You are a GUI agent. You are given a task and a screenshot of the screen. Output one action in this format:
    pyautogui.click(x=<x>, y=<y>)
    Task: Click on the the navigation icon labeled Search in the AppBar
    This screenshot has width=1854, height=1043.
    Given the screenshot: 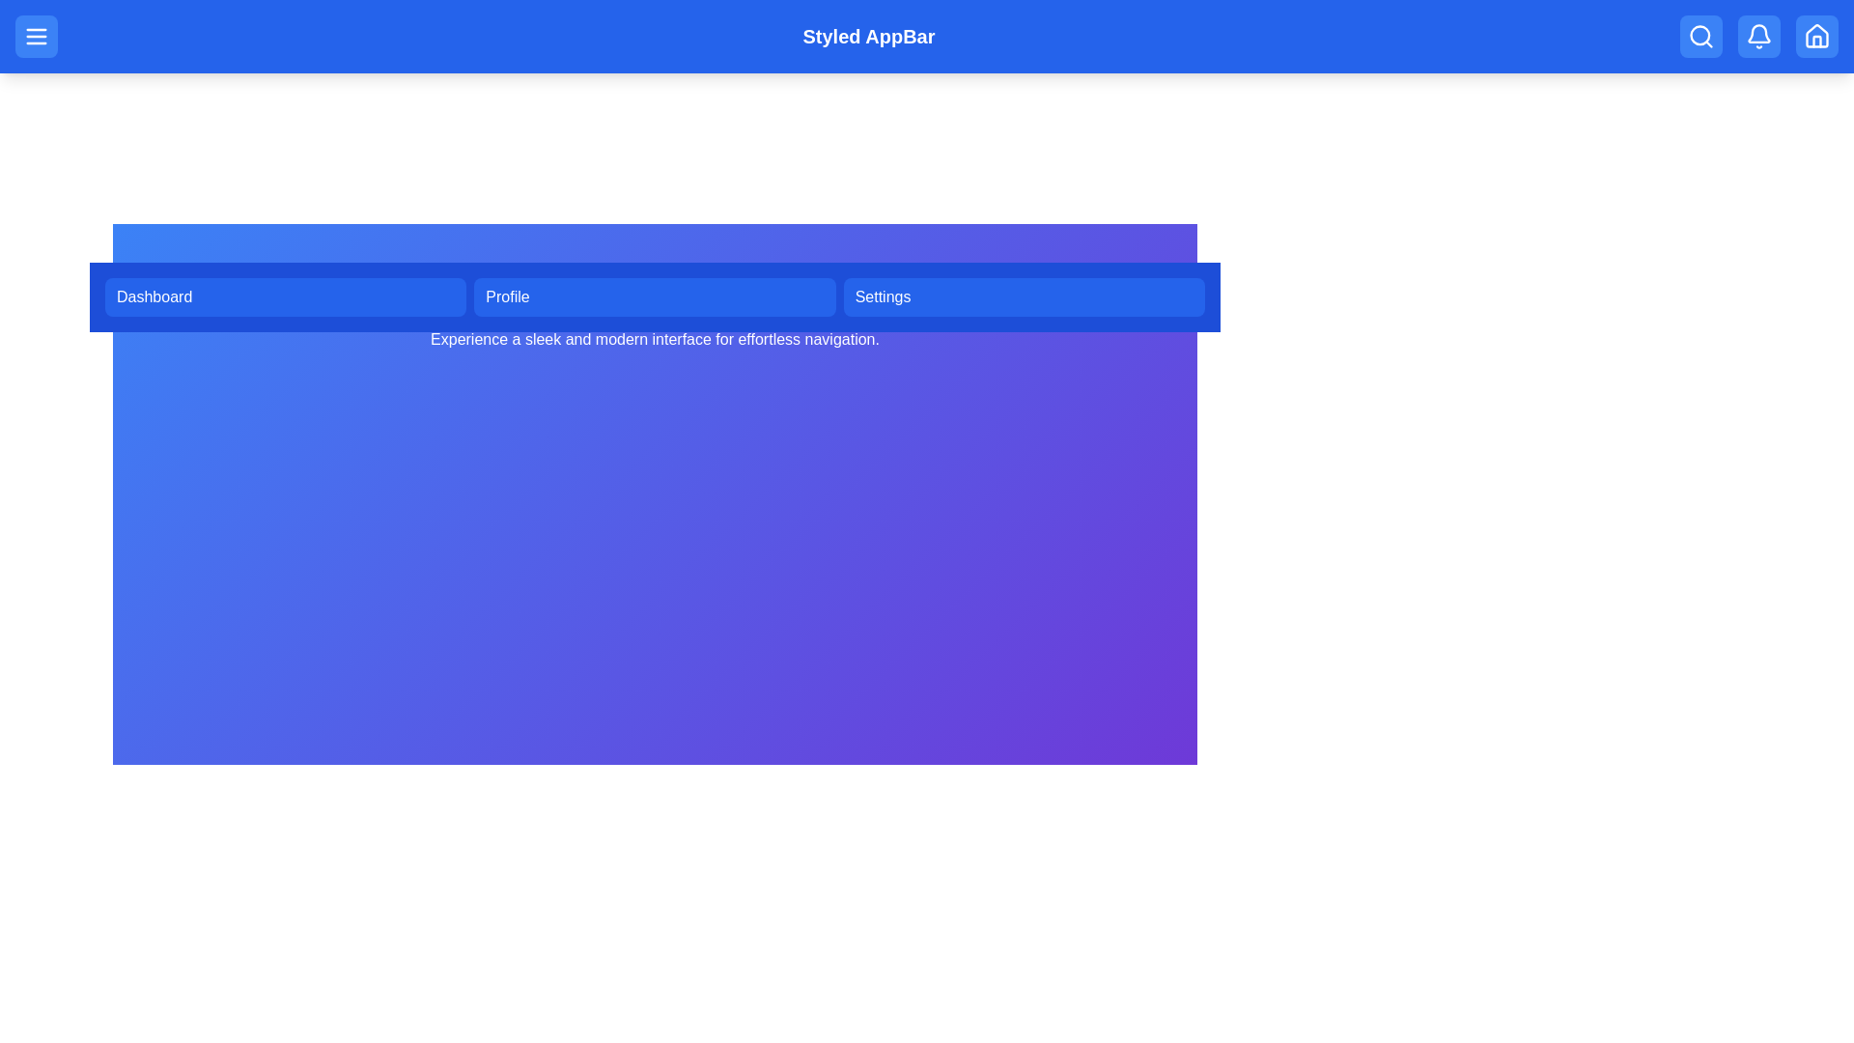 What is the action you would take?
    pyautogui.click(x=1700, y=37)
    